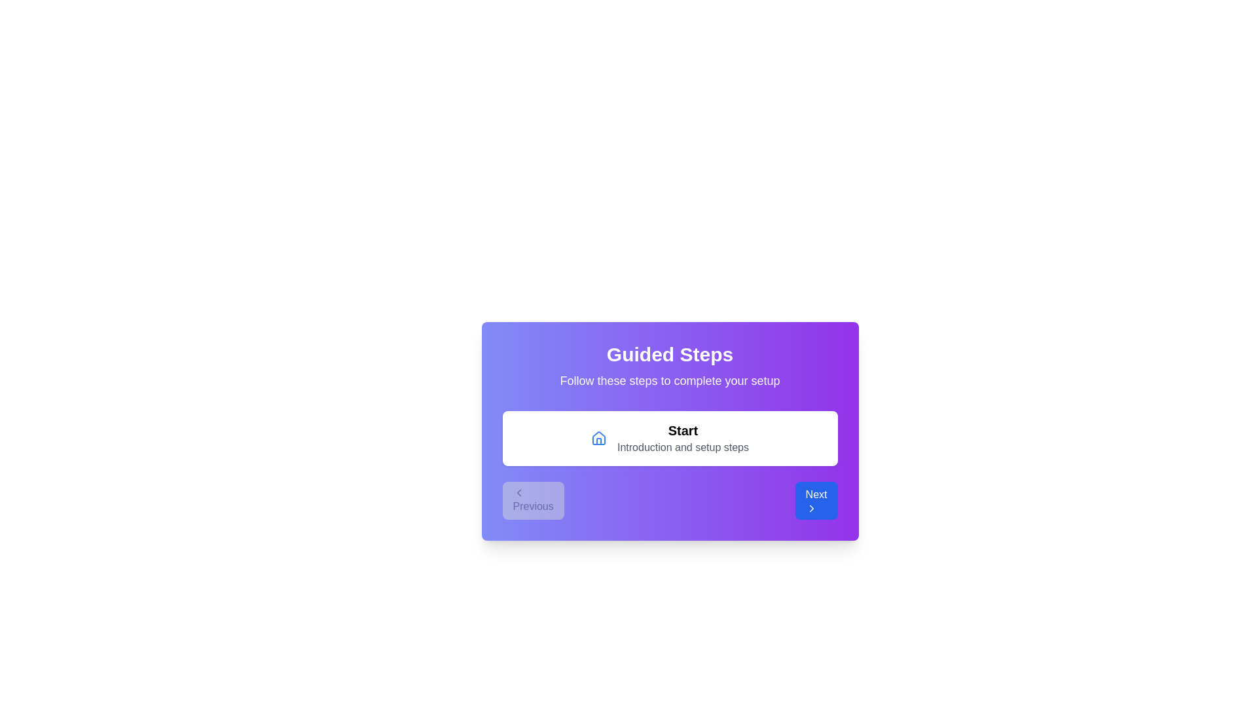 The image size is (1257, 707). I want to click on the static text label 'Start' that indicates the beginning of a process, located to the right of a home icon within the white rectangular region below 'Guided Steps', so click(682, 431).